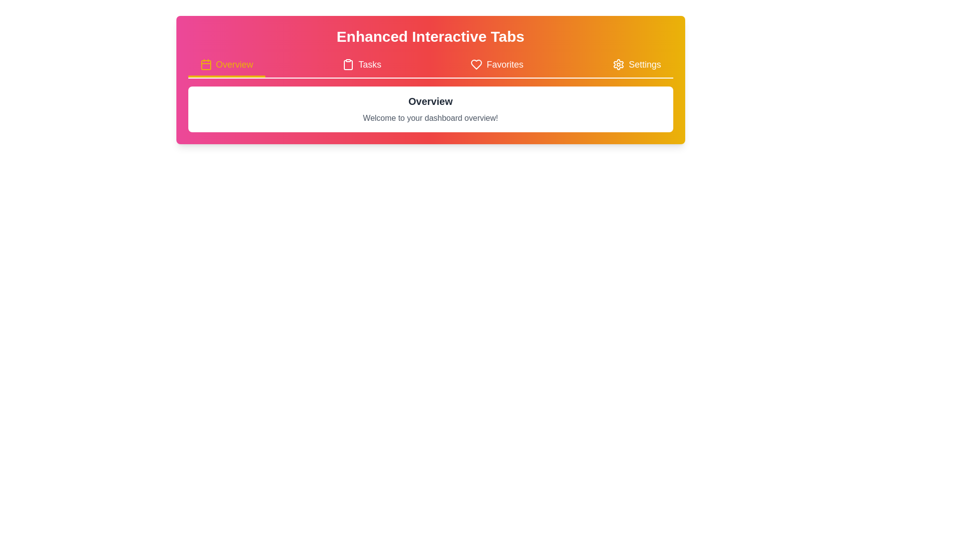 The height and width of the screenshot is (537, 954). Describe the element at coordinates (496, 65) in the screenshot. I see `the 'Favorites' tab in the navigation section` at that location.